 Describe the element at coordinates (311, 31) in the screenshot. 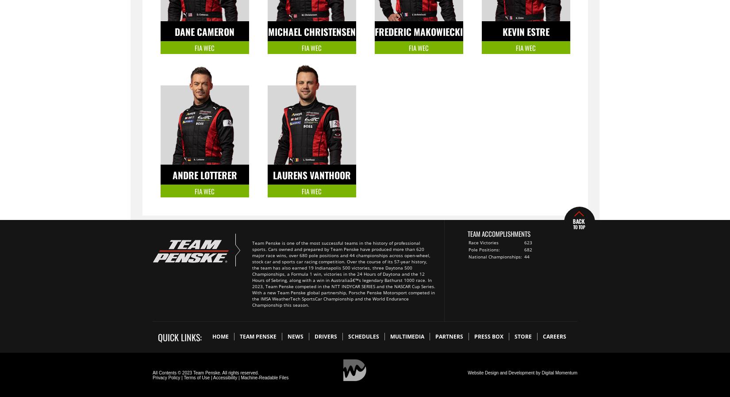

I see `'Michael Christensen'` at that location.